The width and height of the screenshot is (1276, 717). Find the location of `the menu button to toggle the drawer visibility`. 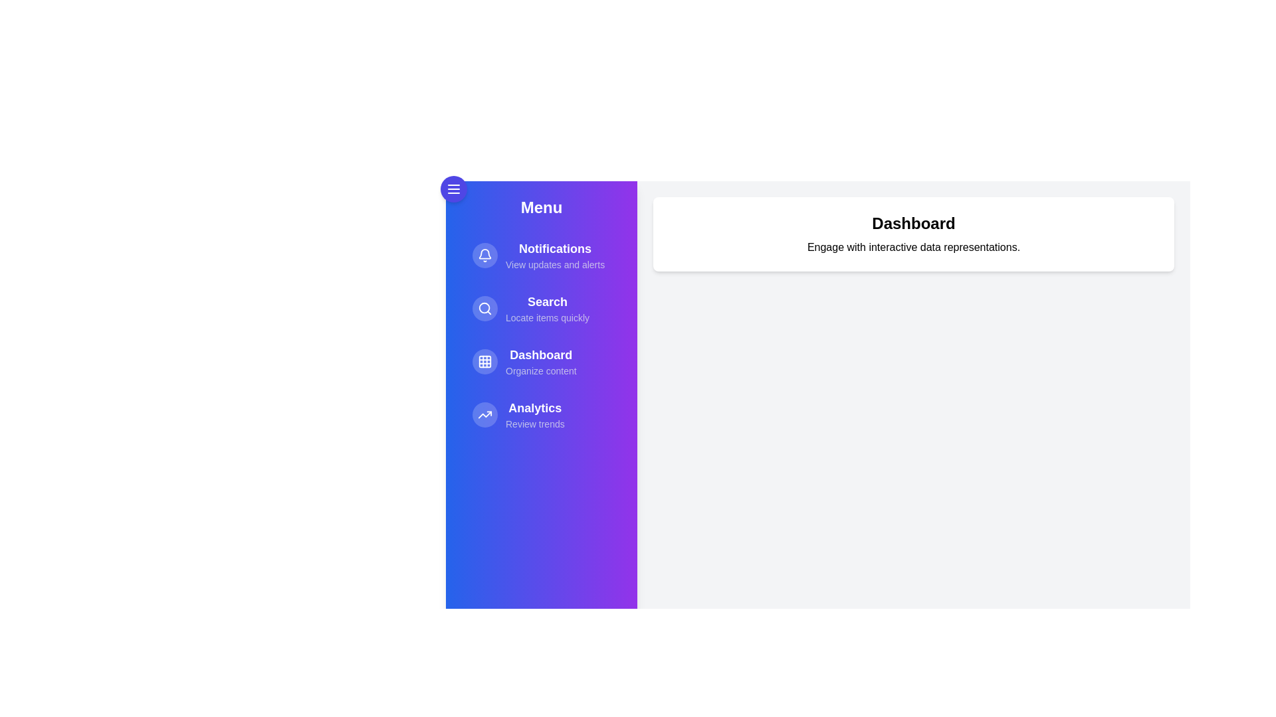

the menu button to toggle the drawer visibility is located at coordinates (453, 189).